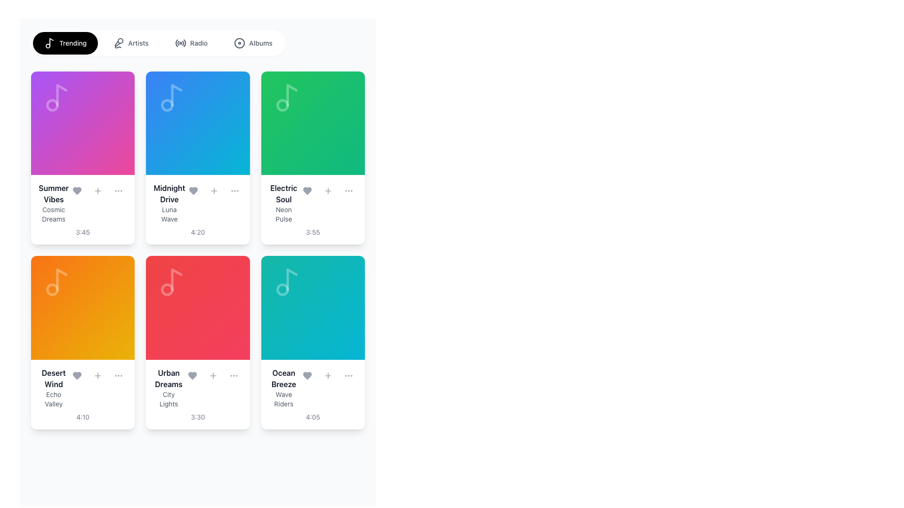 The image size is (904, 508). What do you see at coordinates (169, 214) in the screenshot?
I see `the second line of text displaying additional descriptive information for the 'Midnight Drive' item, located in the second column of the first row of the music tracks grid` at bounding box center [169, 214].